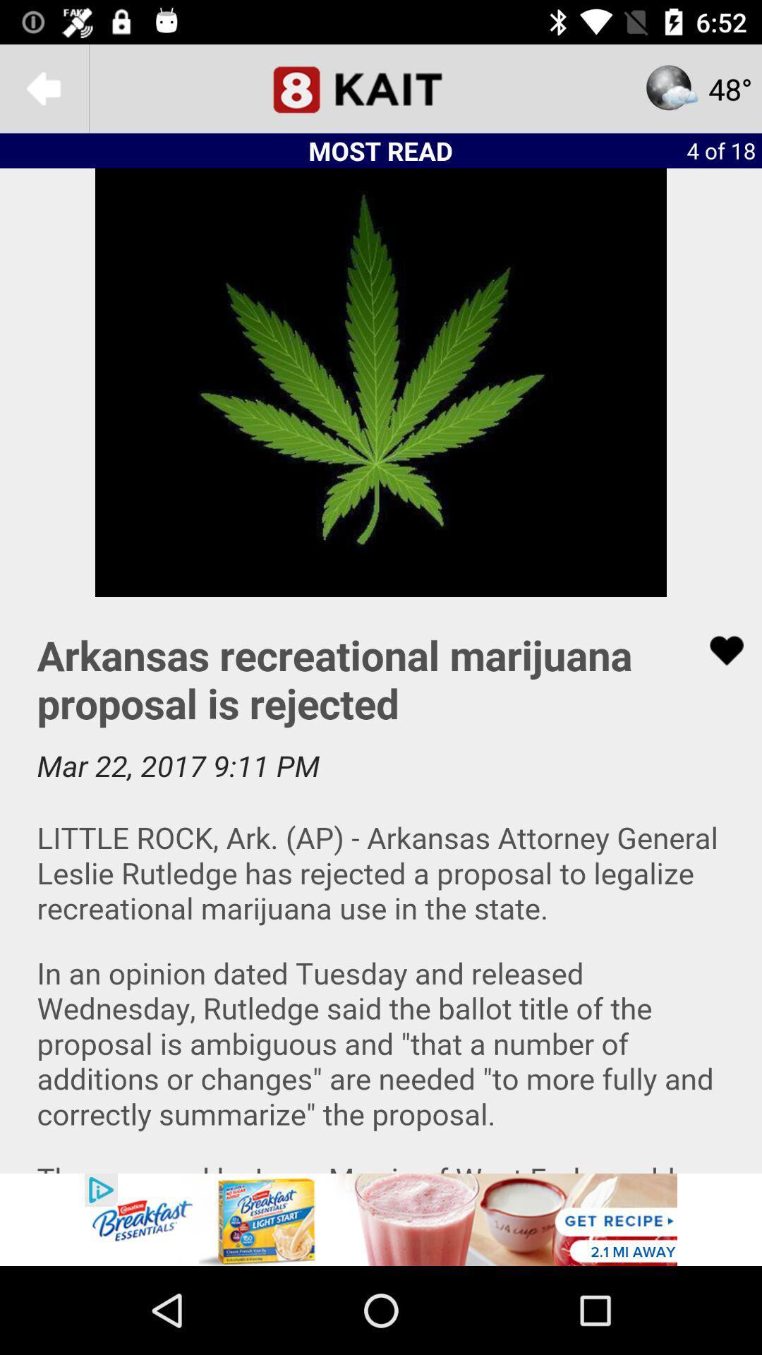 This screenshot has width=762, height=1355. I want to click on like, so click(718, 650).